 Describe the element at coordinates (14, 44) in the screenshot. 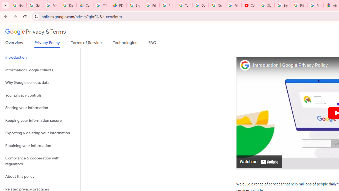

I see `'Overview'` at that location.